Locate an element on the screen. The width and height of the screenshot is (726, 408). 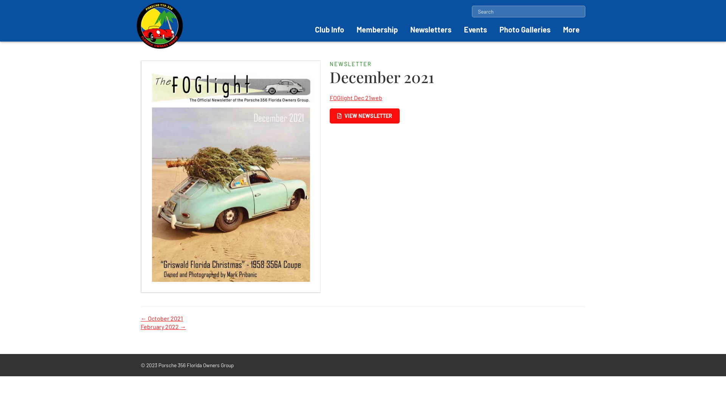
'Club Info' is located at coordinates (329, 29).